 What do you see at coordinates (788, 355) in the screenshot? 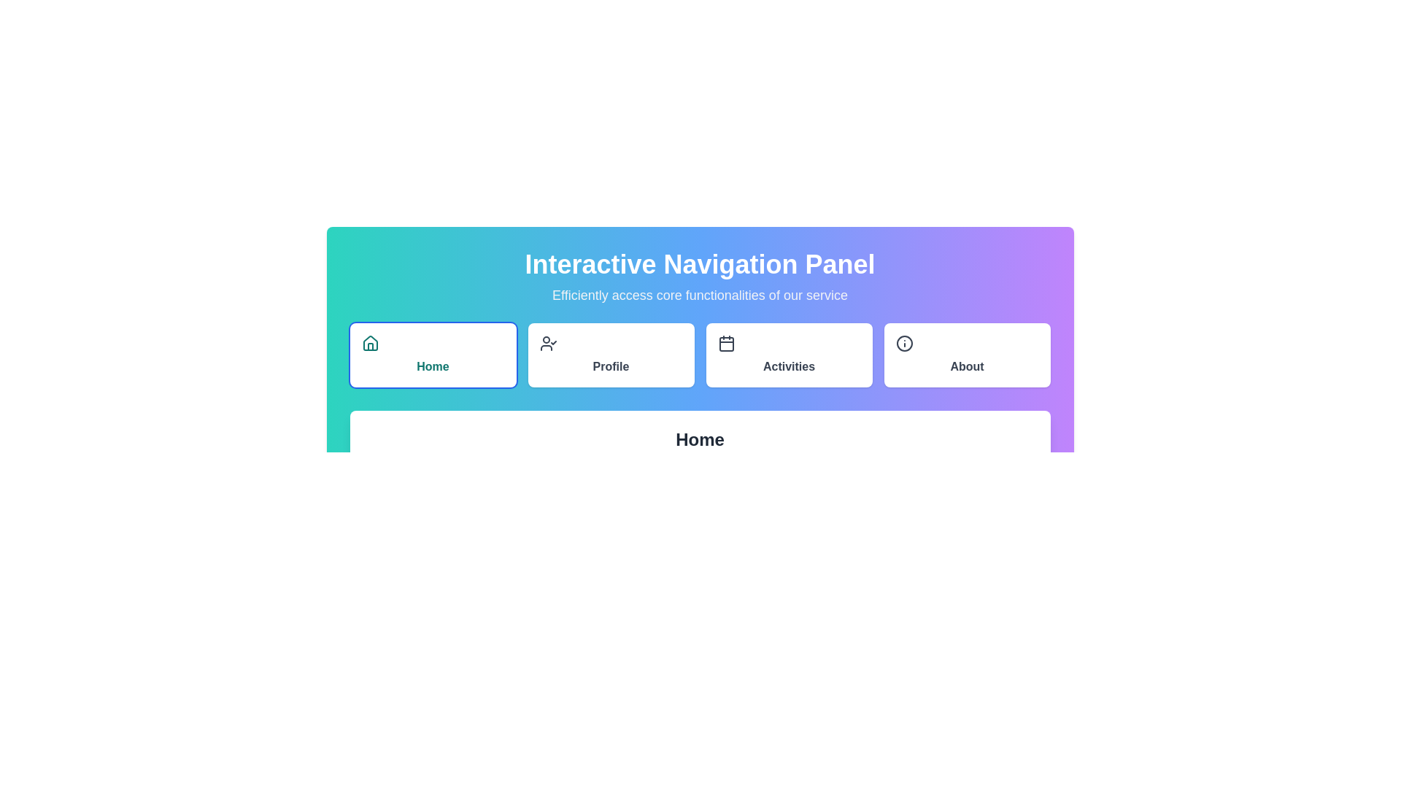
I see `the 'Activities' button, which is a rectangular button with a white background and rounded corners, located in the navigation panel between the 'Profile' and 'About' buttons` at bounding box center [788, 355].